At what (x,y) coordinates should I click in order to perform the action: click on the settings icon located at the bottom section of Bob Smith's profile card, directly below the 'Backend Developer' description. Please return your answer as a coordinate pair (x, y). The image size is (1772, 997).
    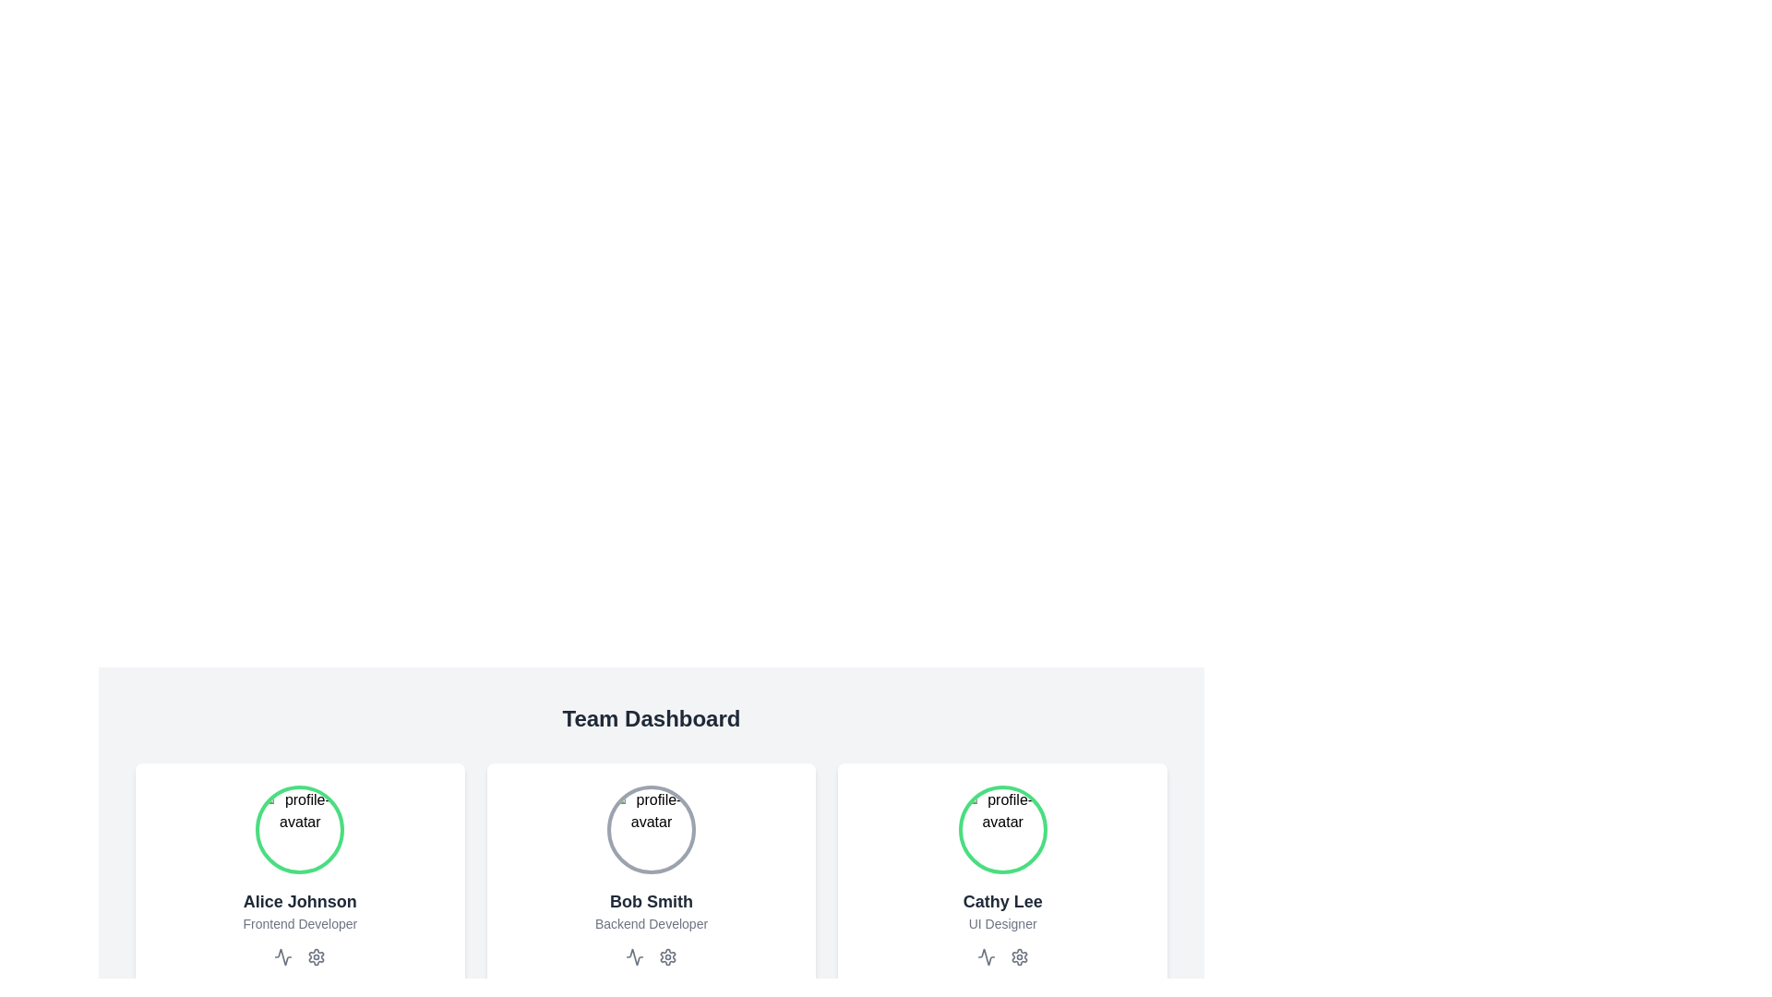
    Looking at the image, I should click on (667, 956).